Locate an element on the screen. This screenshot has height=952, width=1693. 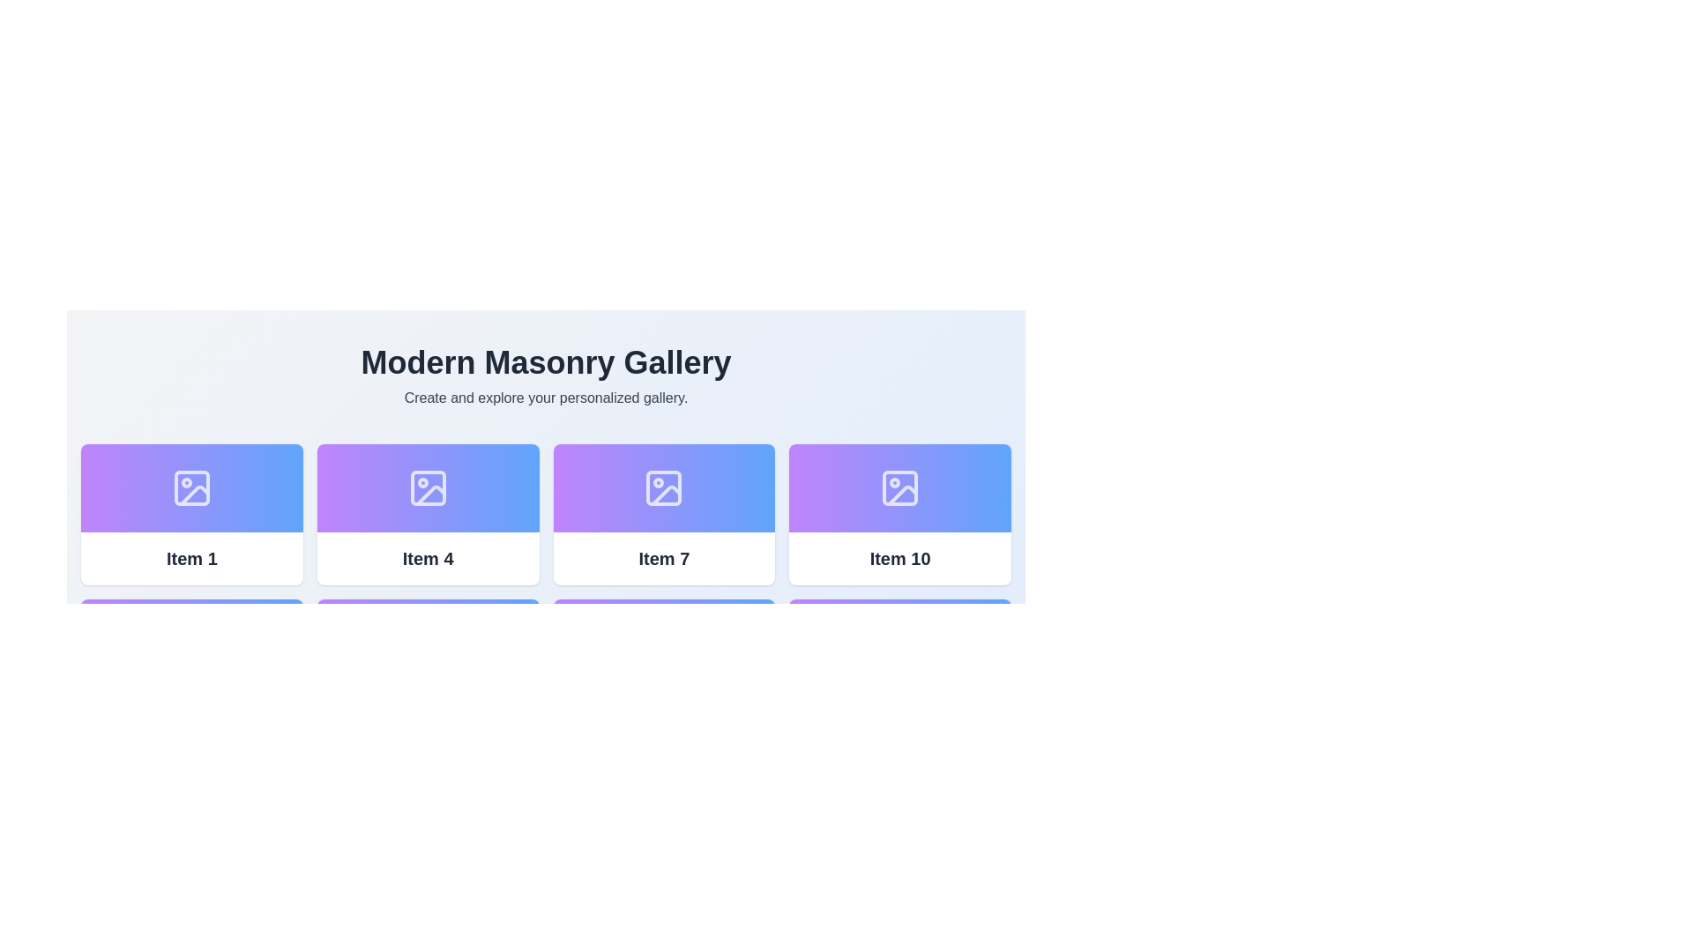
the decorative square shape inside the image icon that is part of the 'Item 10' card in the gallery is located at coordinates (900, 488).